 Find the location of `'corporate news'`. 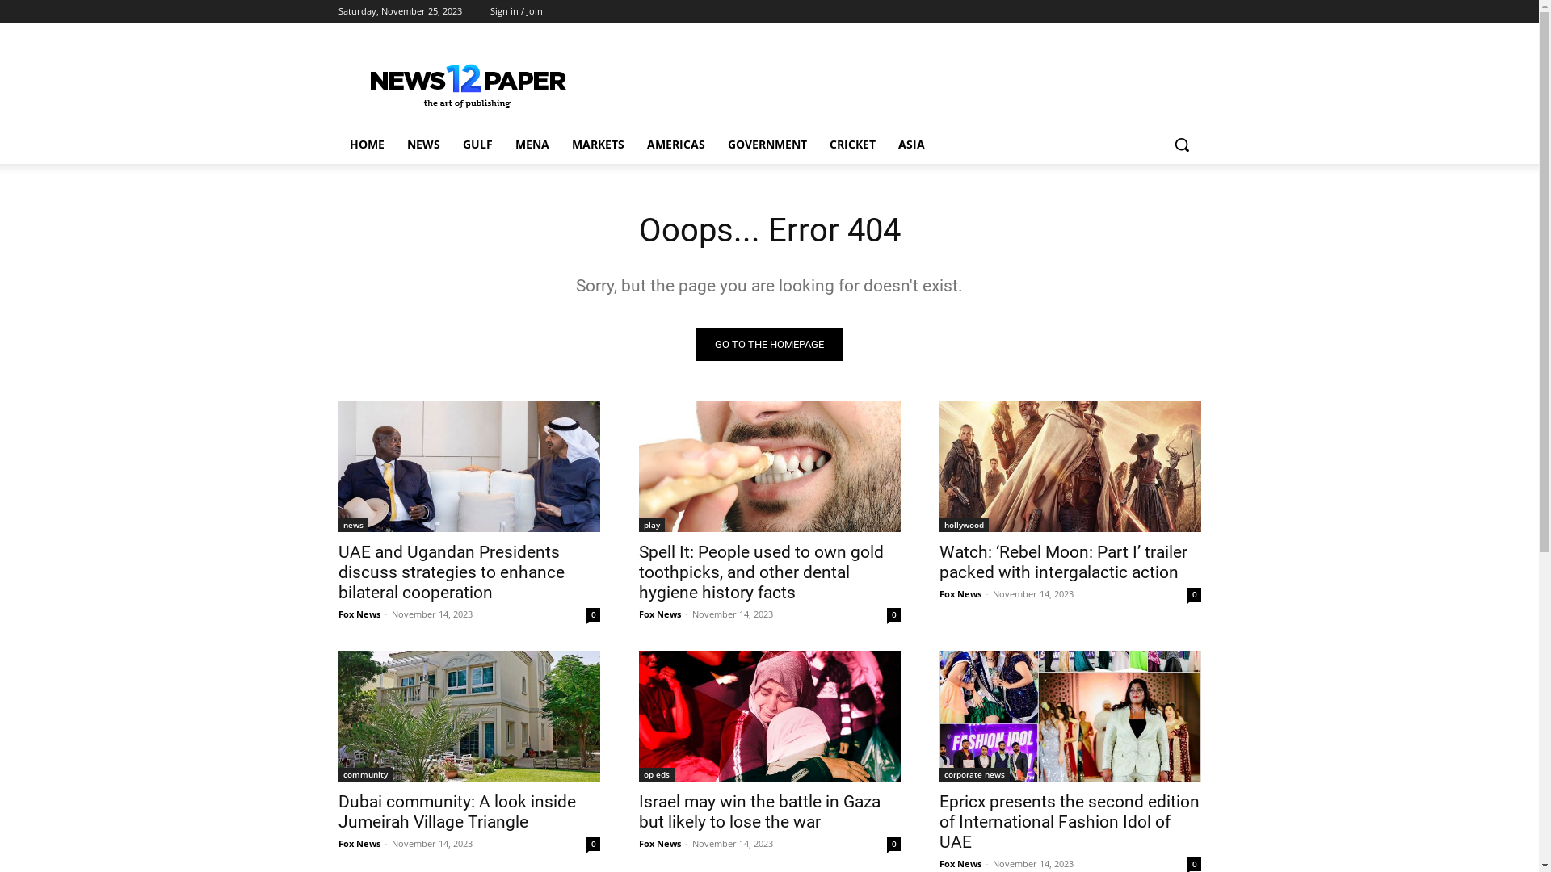

'corporate news' is located at coordinates (938, 773).